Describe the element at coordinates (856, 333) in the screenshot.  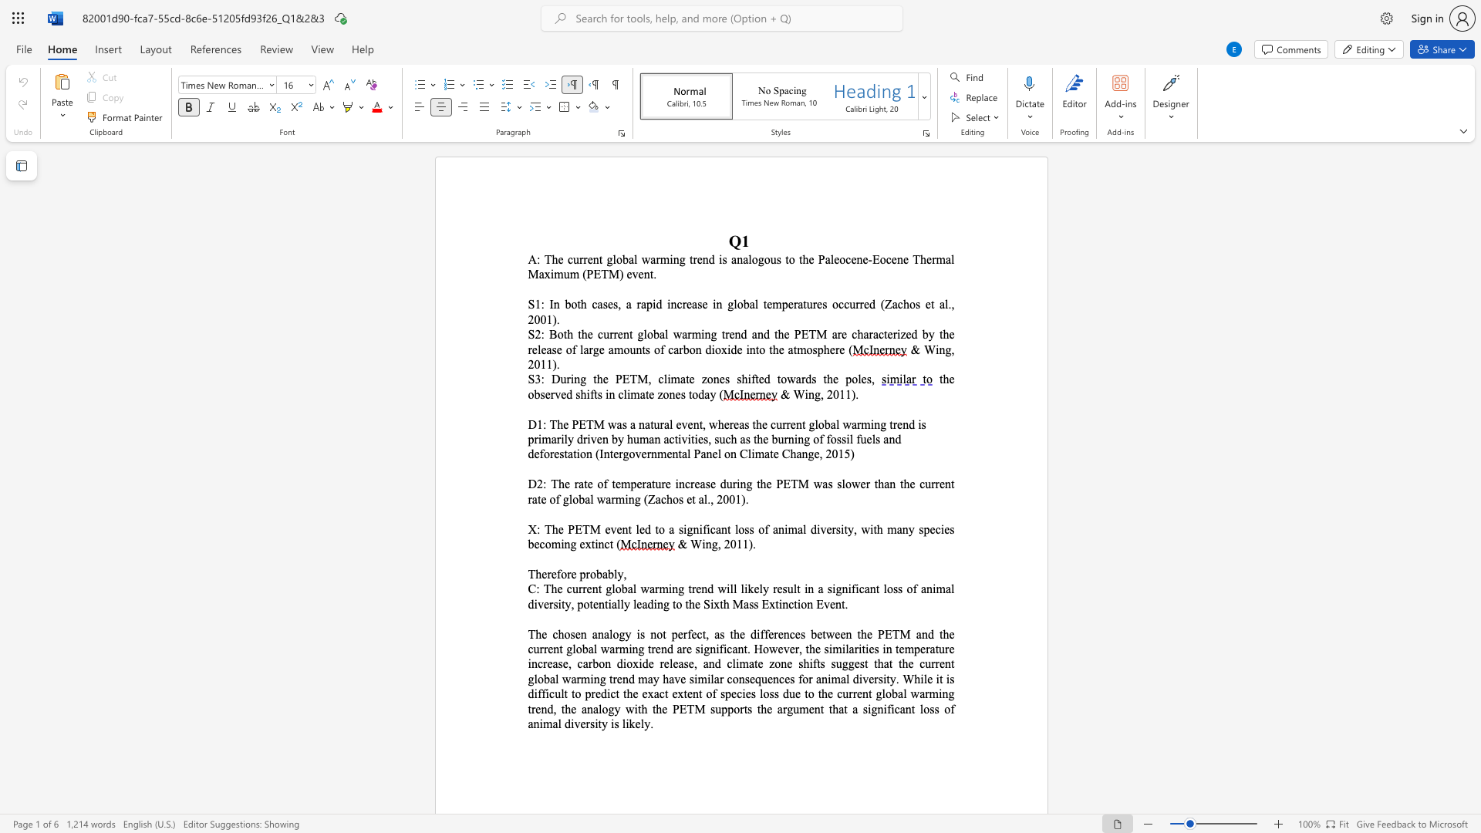
I see `the subset text "haracterized by the rele" within the text "PETM are characterized by the release of"` at that location.